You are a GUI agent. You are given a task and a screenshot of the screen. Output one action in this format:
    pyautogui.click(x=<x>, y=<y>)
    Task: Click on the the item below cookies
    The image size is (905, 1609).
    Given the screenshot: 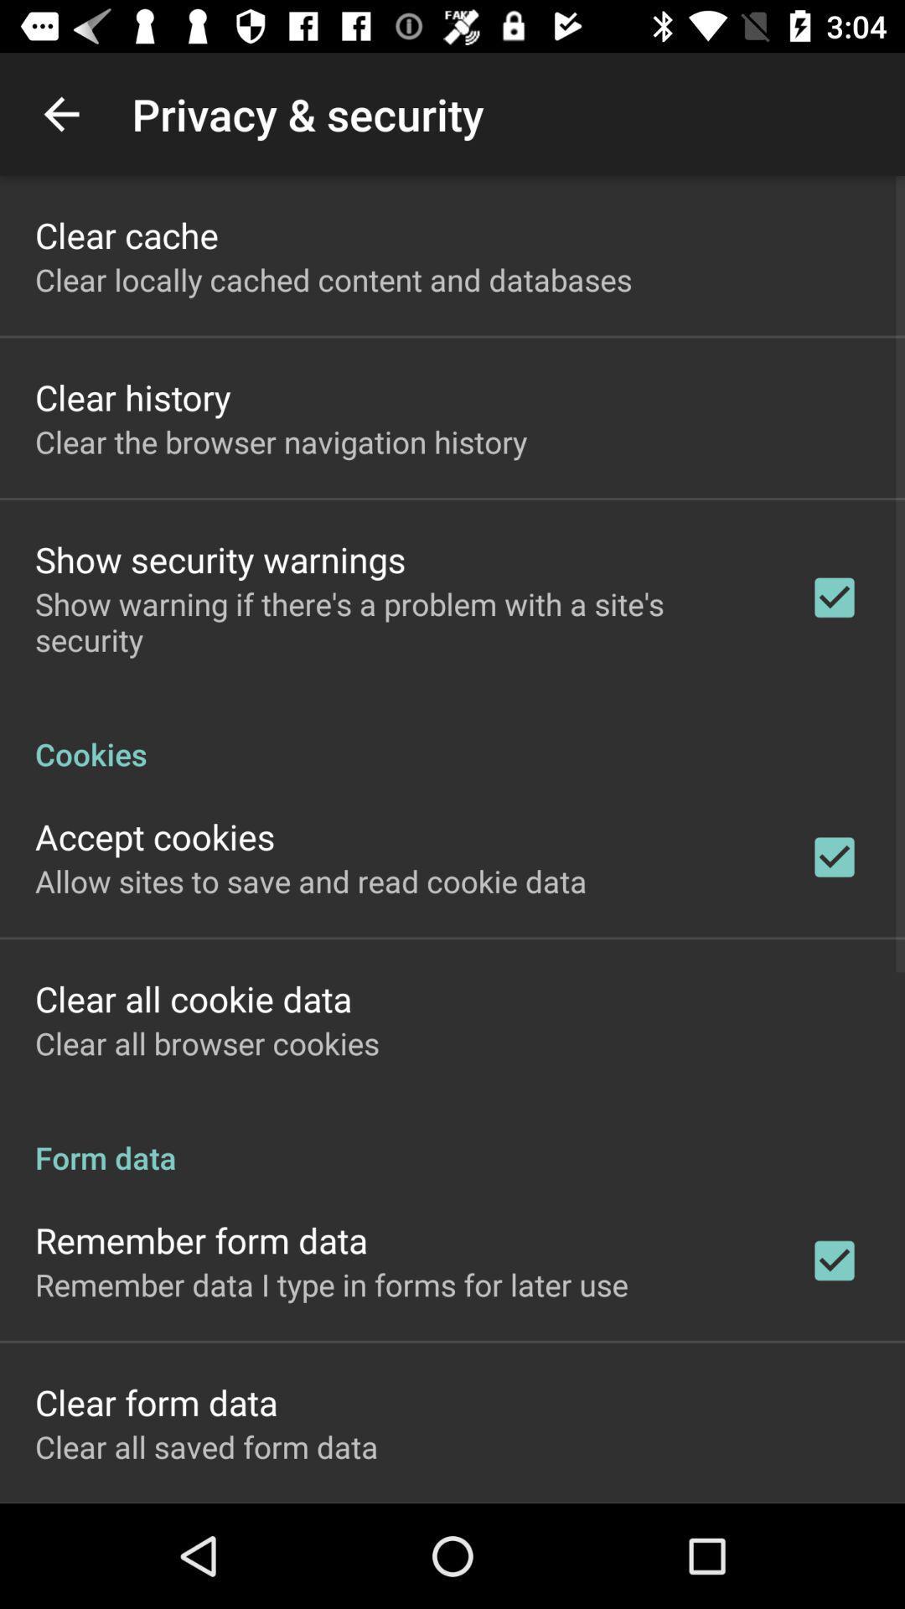 What is the action you would take?
    pyautogui.click(x=155, y=836)
    